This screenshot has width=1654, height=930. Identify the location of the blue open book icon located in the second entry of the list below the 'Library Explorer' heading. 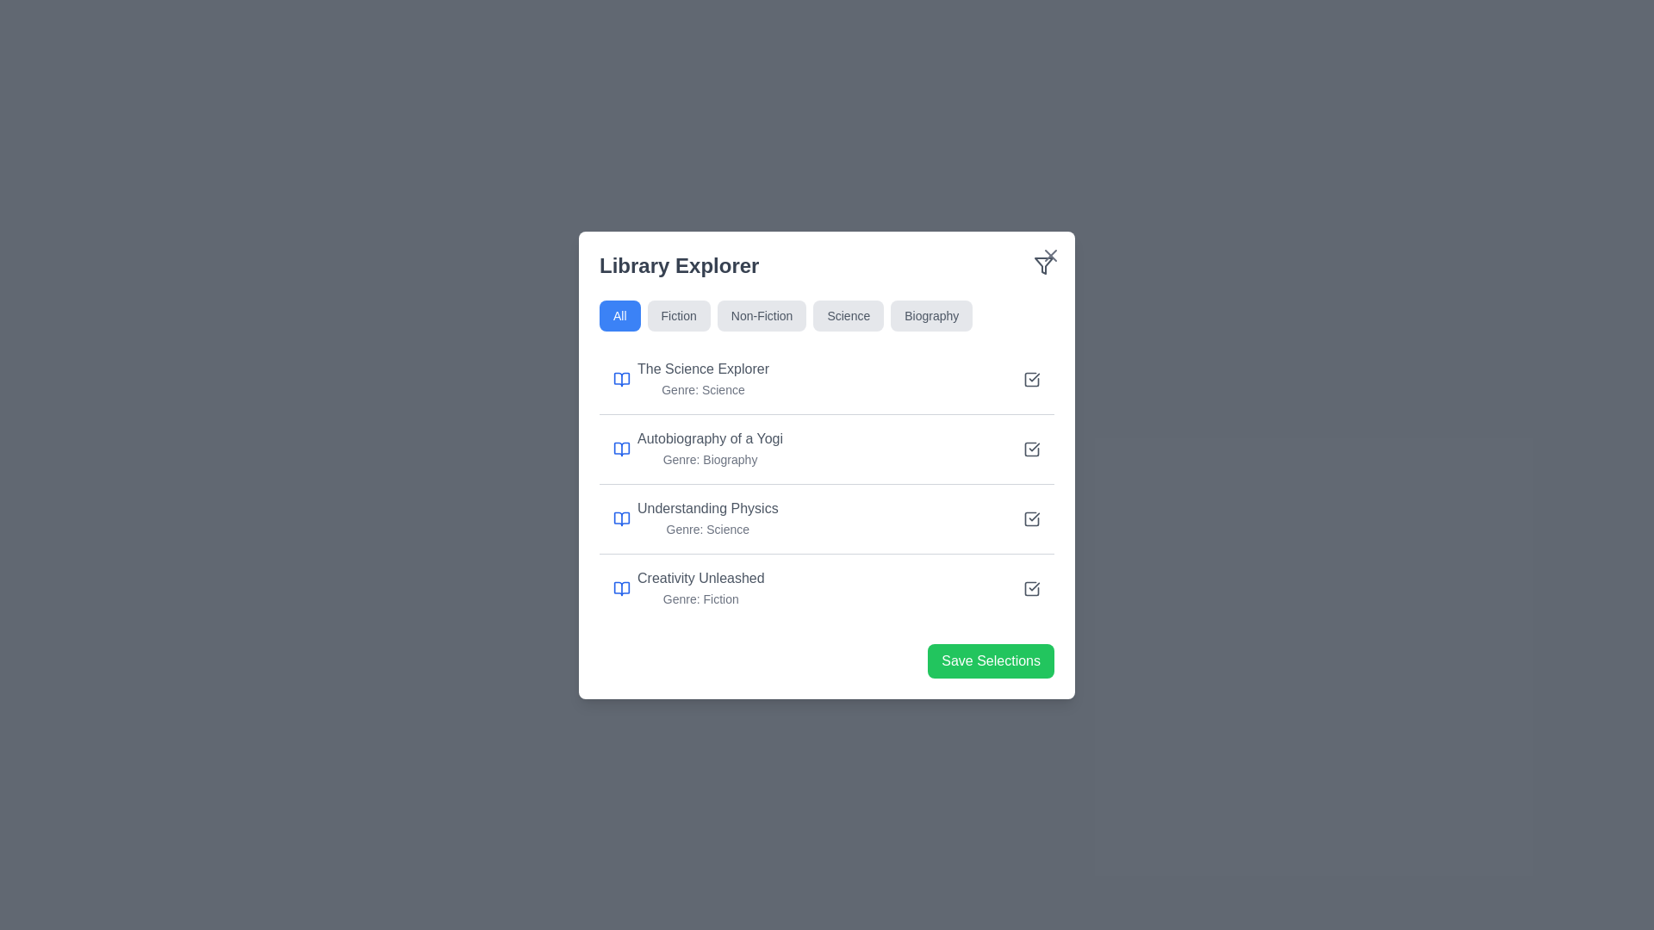
(620, 447).